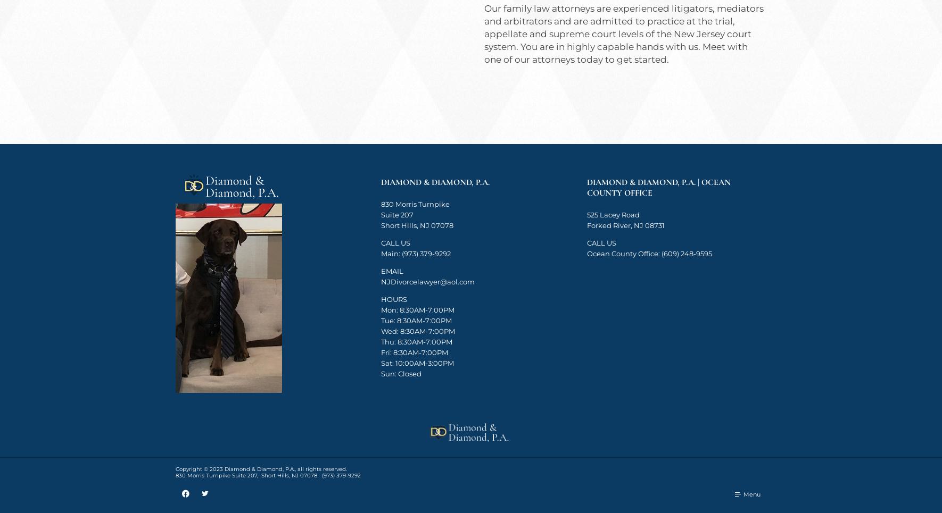 Image resolution: width=942 pixels, height=513 pixels. I want to click on 'Sat: 10:00AM-3:00PM', so click(417, 361).